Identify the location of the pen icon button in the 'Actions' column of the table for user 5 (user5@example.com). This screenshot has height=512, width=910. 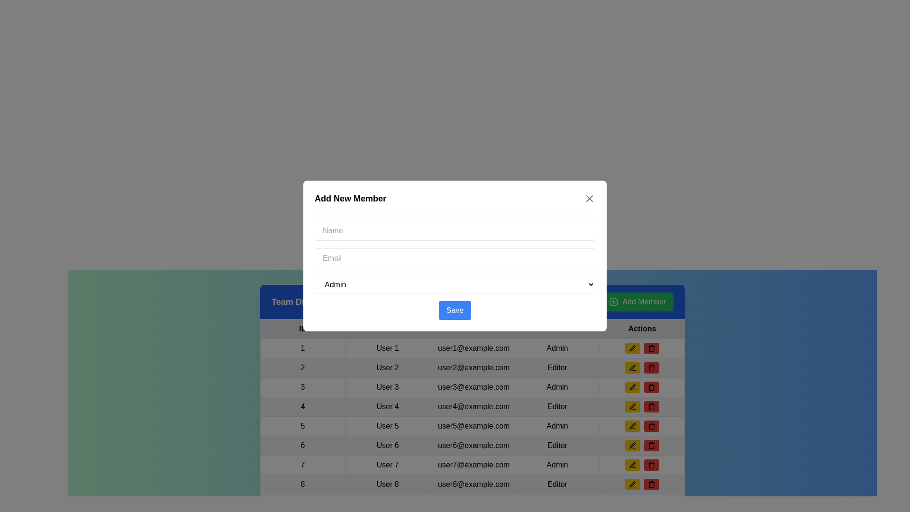
(632, 425).